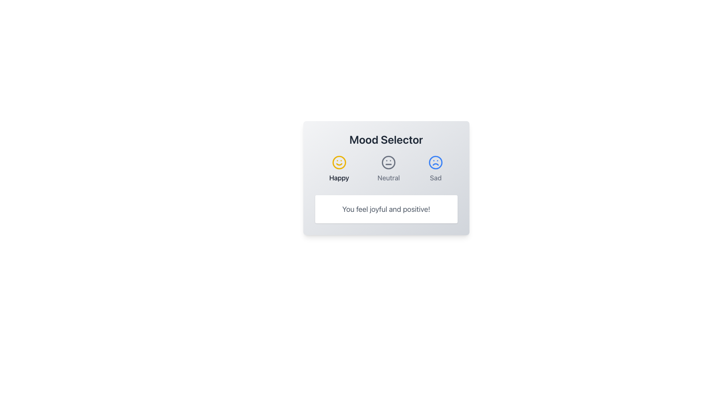 This screenshot has width=712, height=400. What do you see at coordinates (388, 162) in the screenshot?
I see `the 'Neutral' mood icon located centrally in the row of three mood icons` at bounding box center [388, 162].